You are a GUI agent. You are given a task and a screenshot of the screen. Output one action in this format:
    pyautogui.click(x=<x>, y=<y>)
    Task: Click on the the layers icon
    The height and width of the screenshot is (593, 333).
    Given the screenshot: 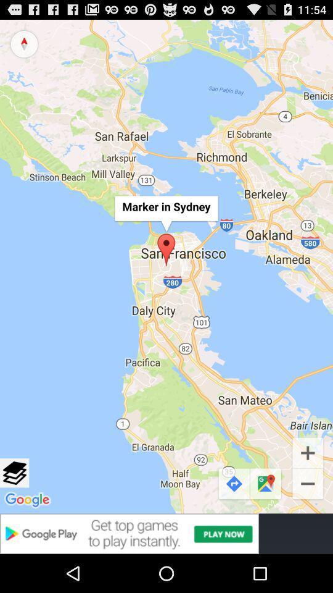 What is the action you would take?
    pyautogui.click(x=14, y=506)
    